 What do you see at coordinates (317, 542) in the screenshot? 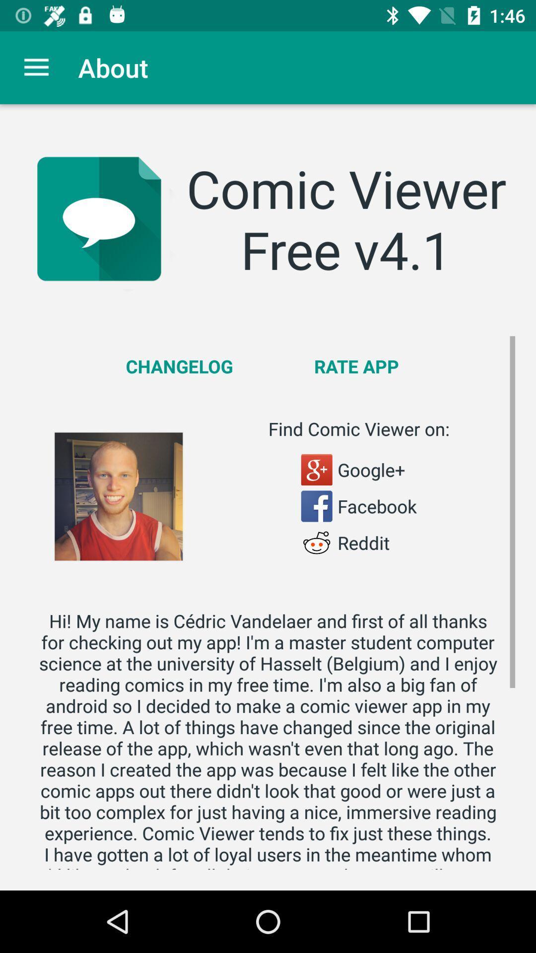
I see `the emoji icon` at bounding box center [317, 542].